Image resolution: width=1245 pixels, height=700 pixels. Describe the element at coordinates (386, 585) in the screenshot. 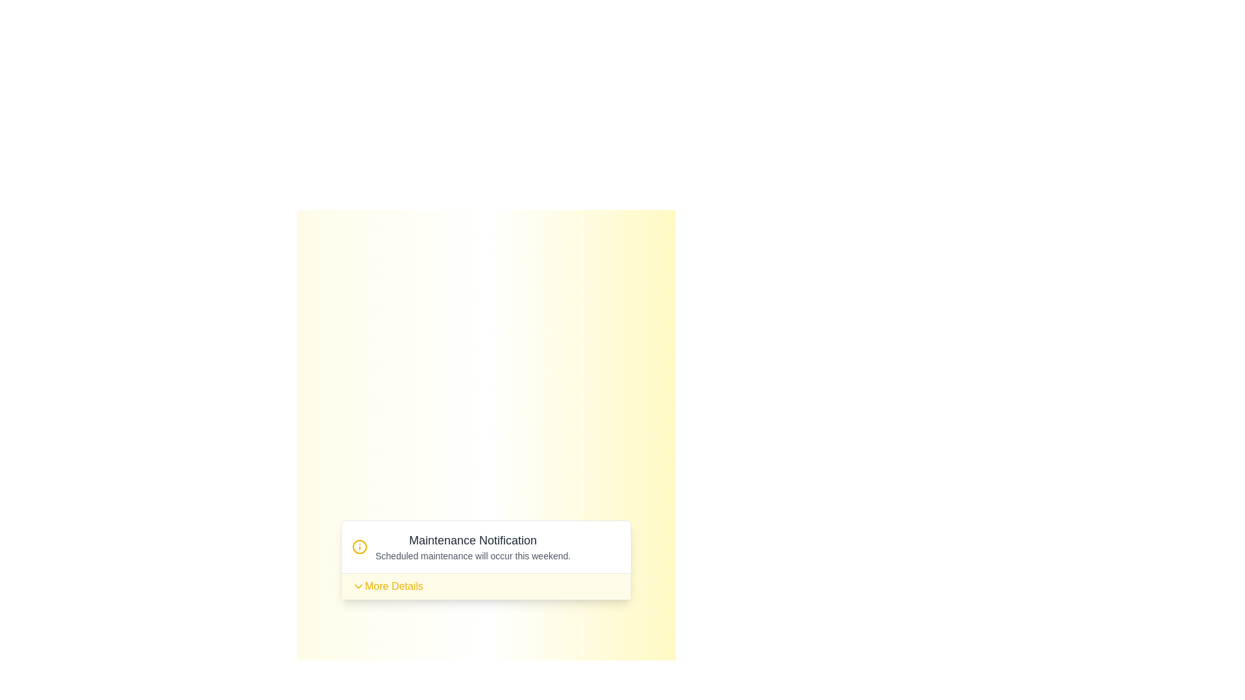

I see `'More Details' button to toggle the details section` at that location.